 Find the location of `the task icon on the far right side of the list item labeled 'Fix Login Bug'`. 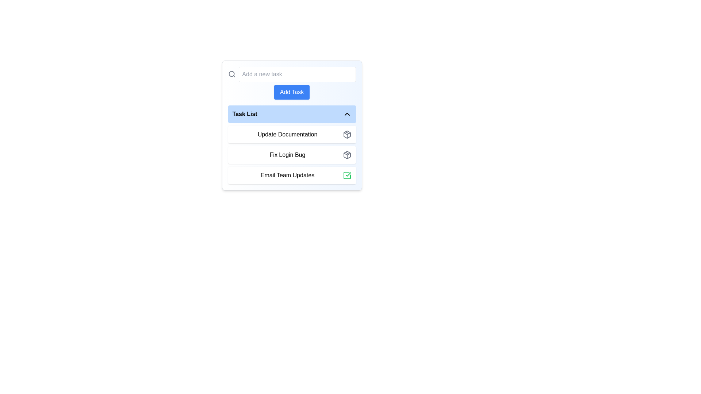

the task icon on the far right side of the list item labeled 'Fix Login Bug' is located at coordinates (346, 154).